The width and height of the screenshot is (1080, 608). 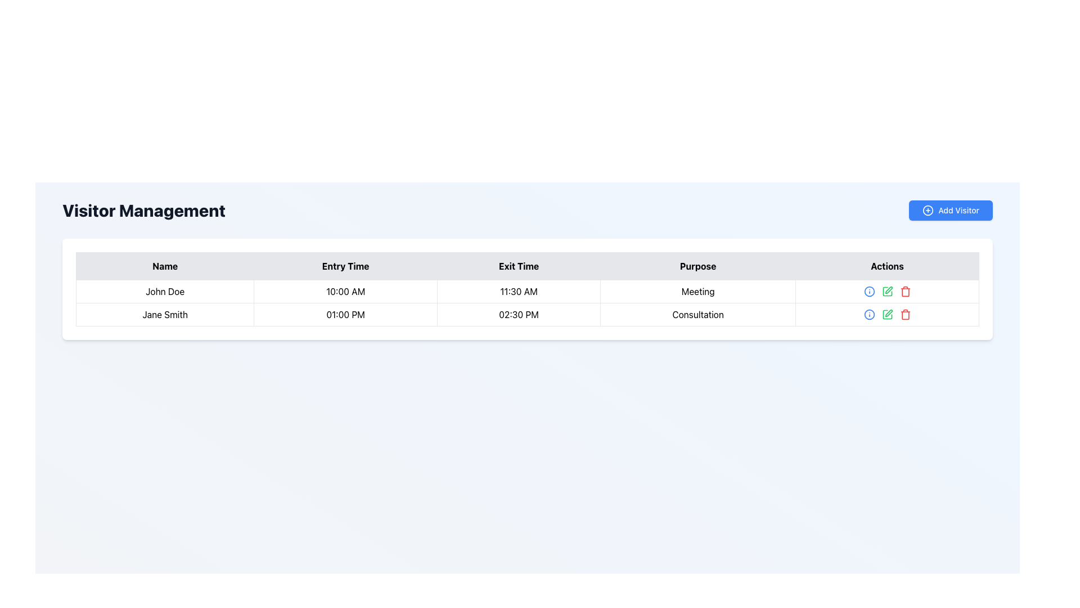 What do you see at coordinates (958, 211) in the screenshot?
I see `the button labeled with the text that initiates the process of adding a visitor entry, located in the upper-right corner of the page, next to its left-aligned icon` at bounding box center [958, 211].